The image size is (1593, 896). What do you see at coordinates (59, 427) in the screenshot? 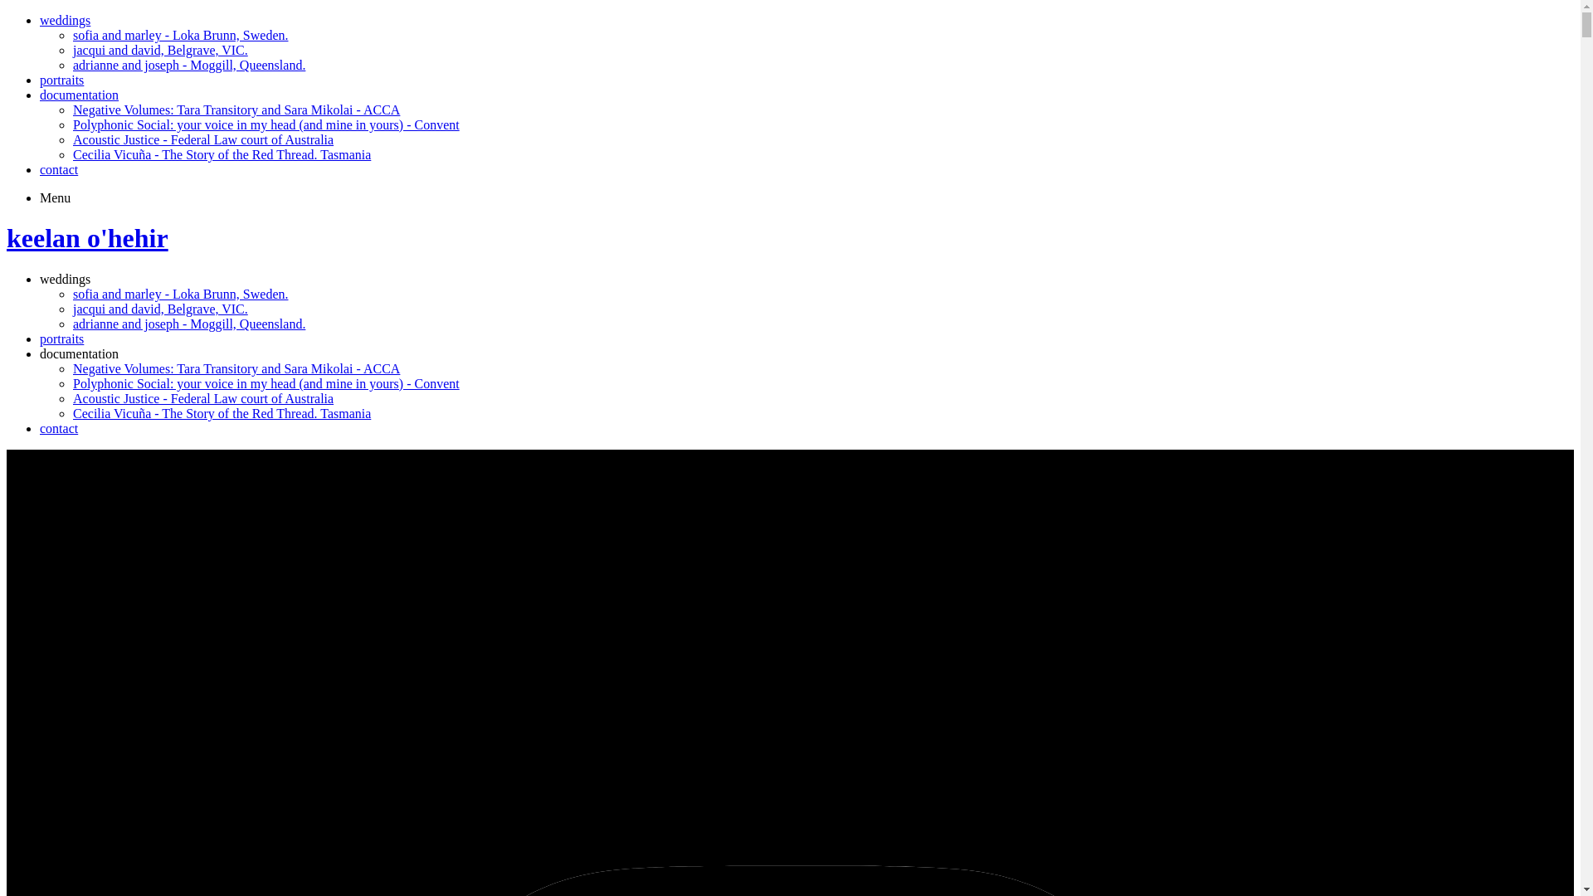
I see `'contact'` at bounding box center [59, 427].